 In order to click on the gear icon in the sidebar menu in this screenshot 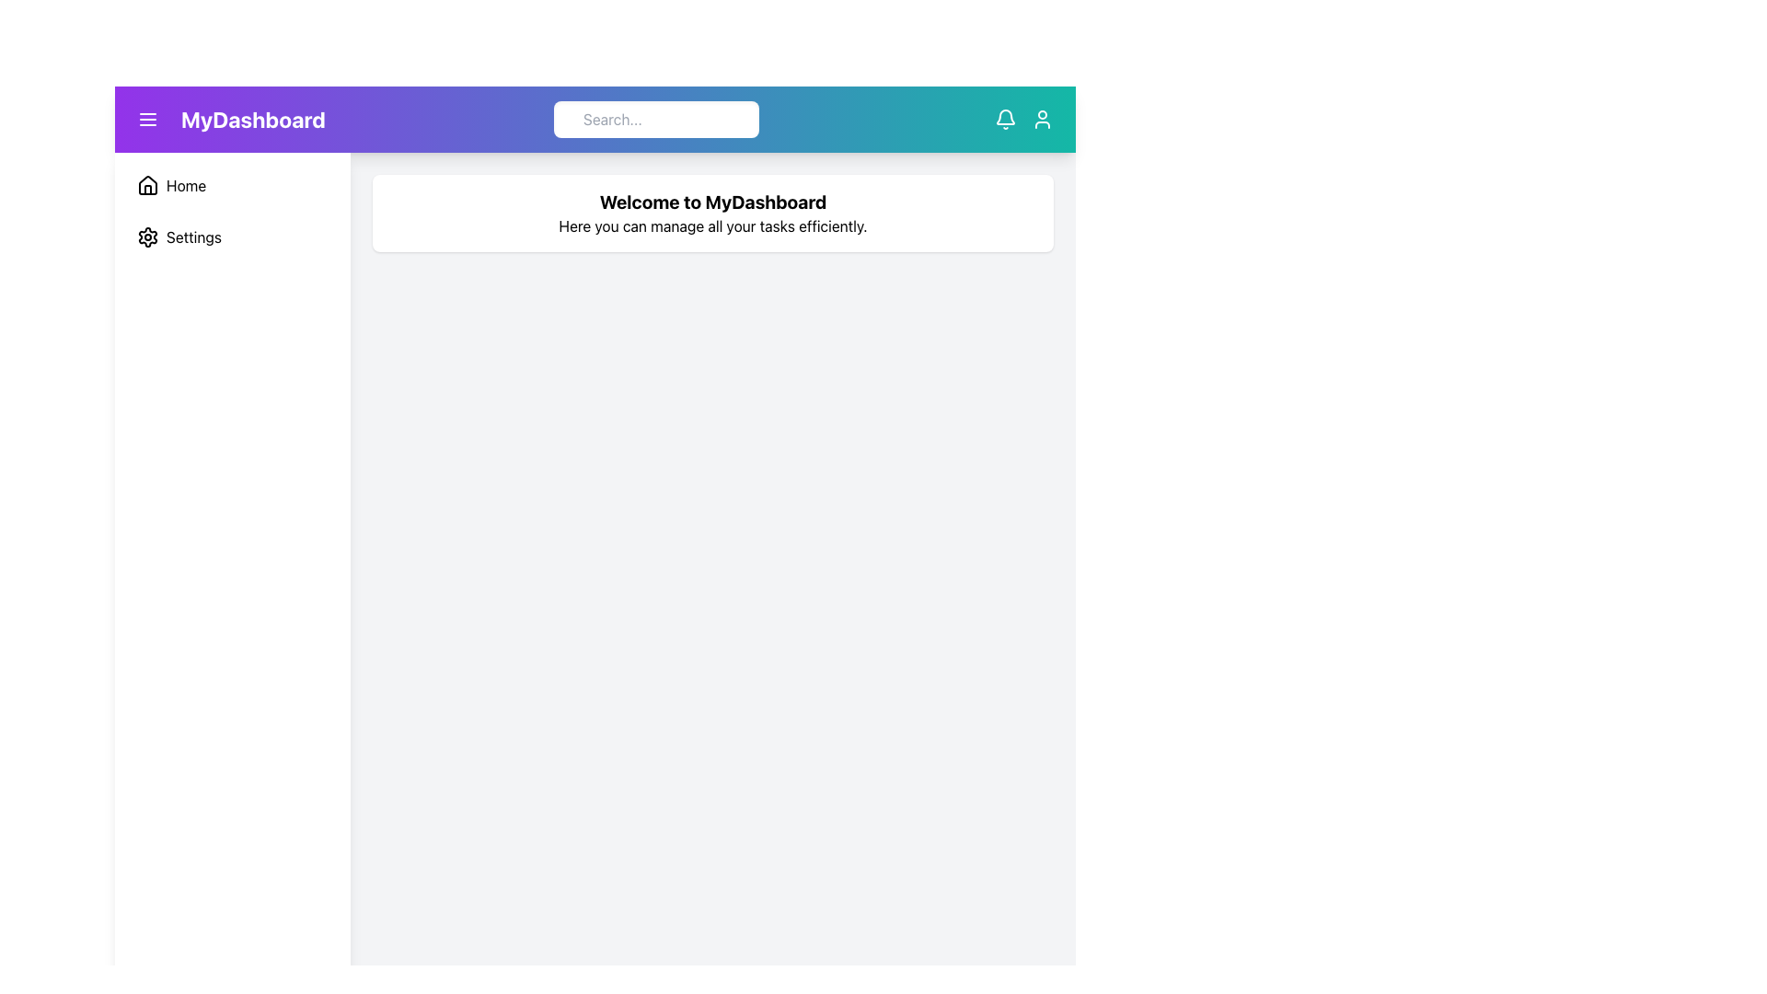, I will do `click(148, 237)`.